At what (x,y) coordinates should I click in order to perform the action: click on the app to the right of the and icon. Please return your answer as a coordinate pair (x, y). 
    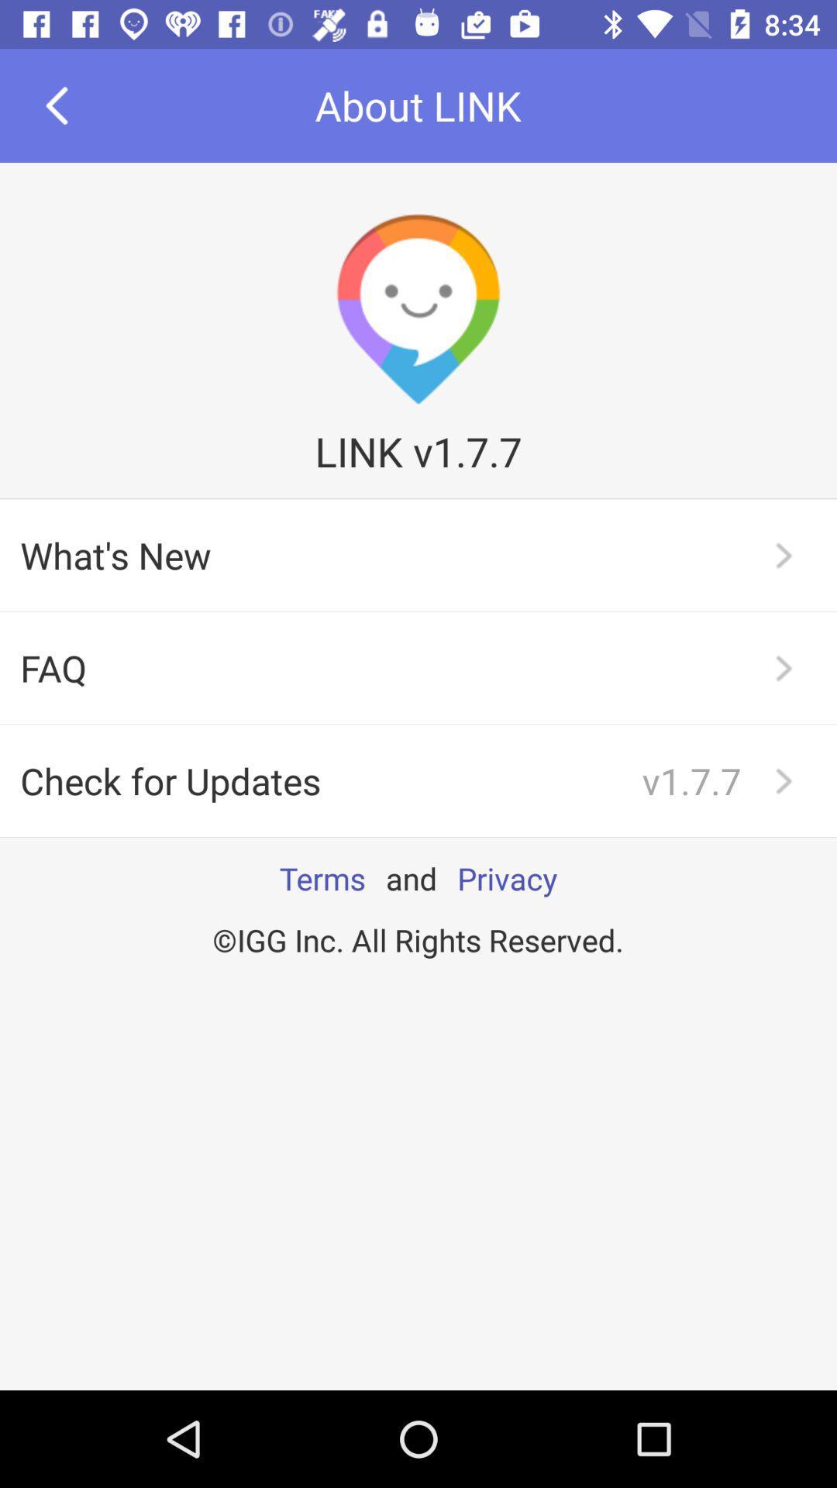
    Looking at the image, I should click on (507, 878).